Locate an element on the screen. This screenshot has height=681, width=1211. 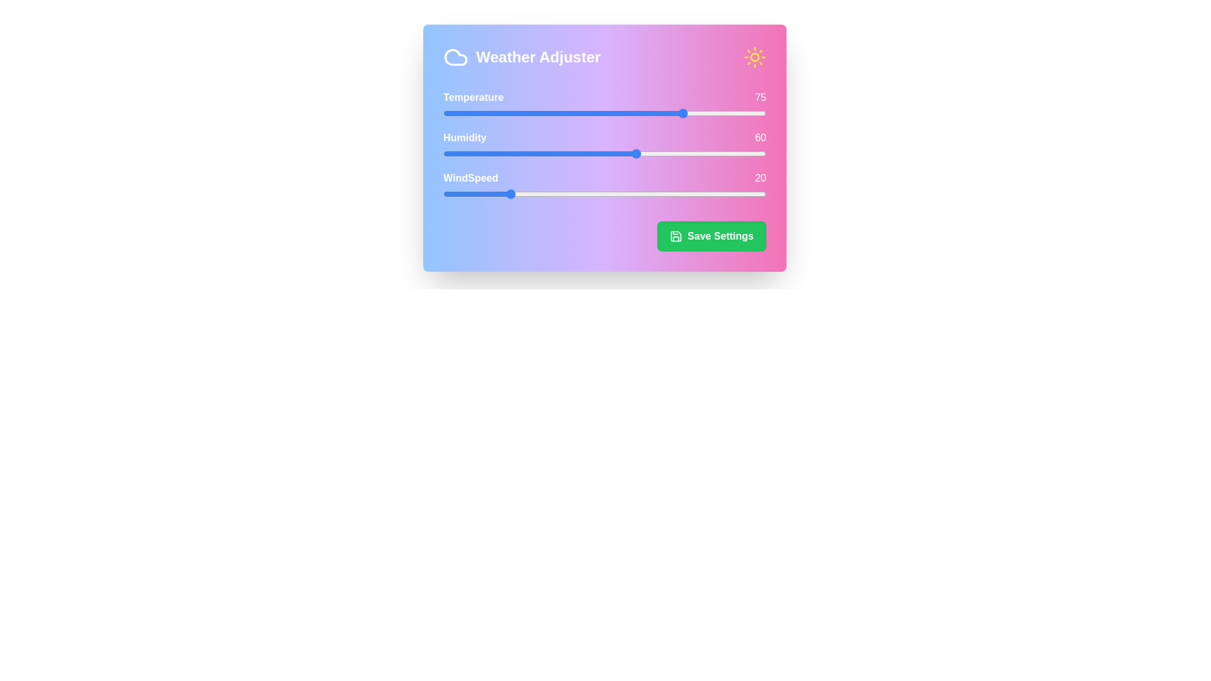
the wind speed is located at coordinates (498, 194).